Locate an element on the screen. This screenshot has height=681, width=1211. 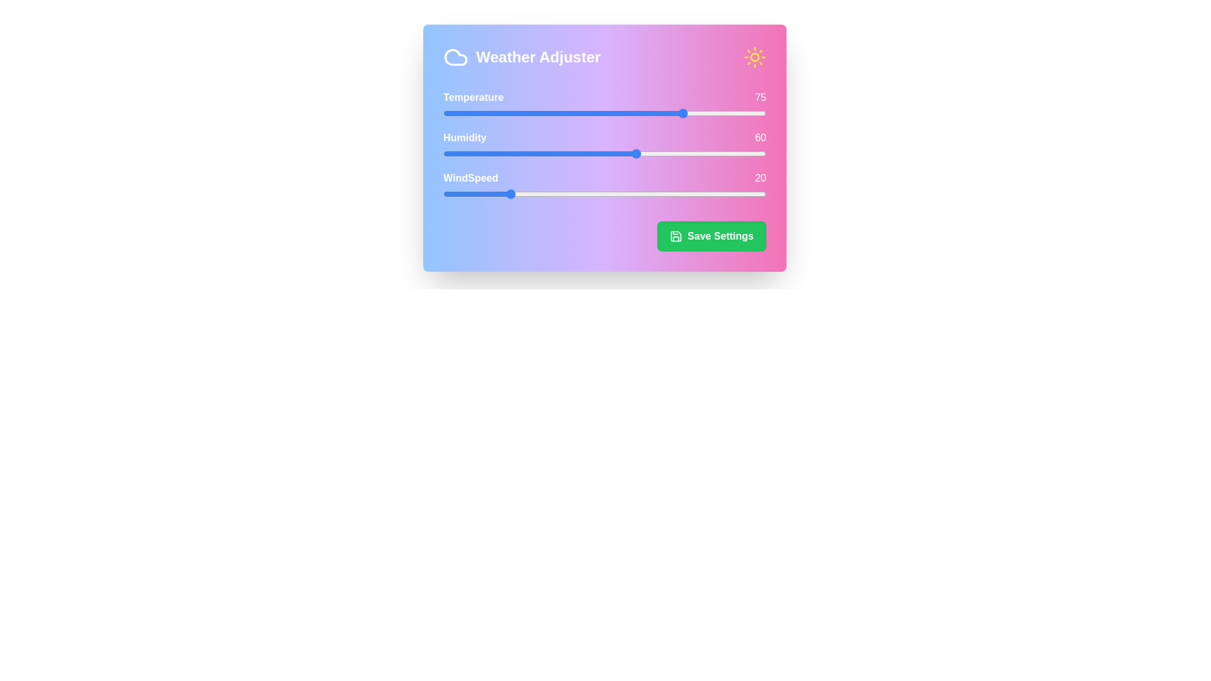
the wind speed is located at coordinates (498, 194).